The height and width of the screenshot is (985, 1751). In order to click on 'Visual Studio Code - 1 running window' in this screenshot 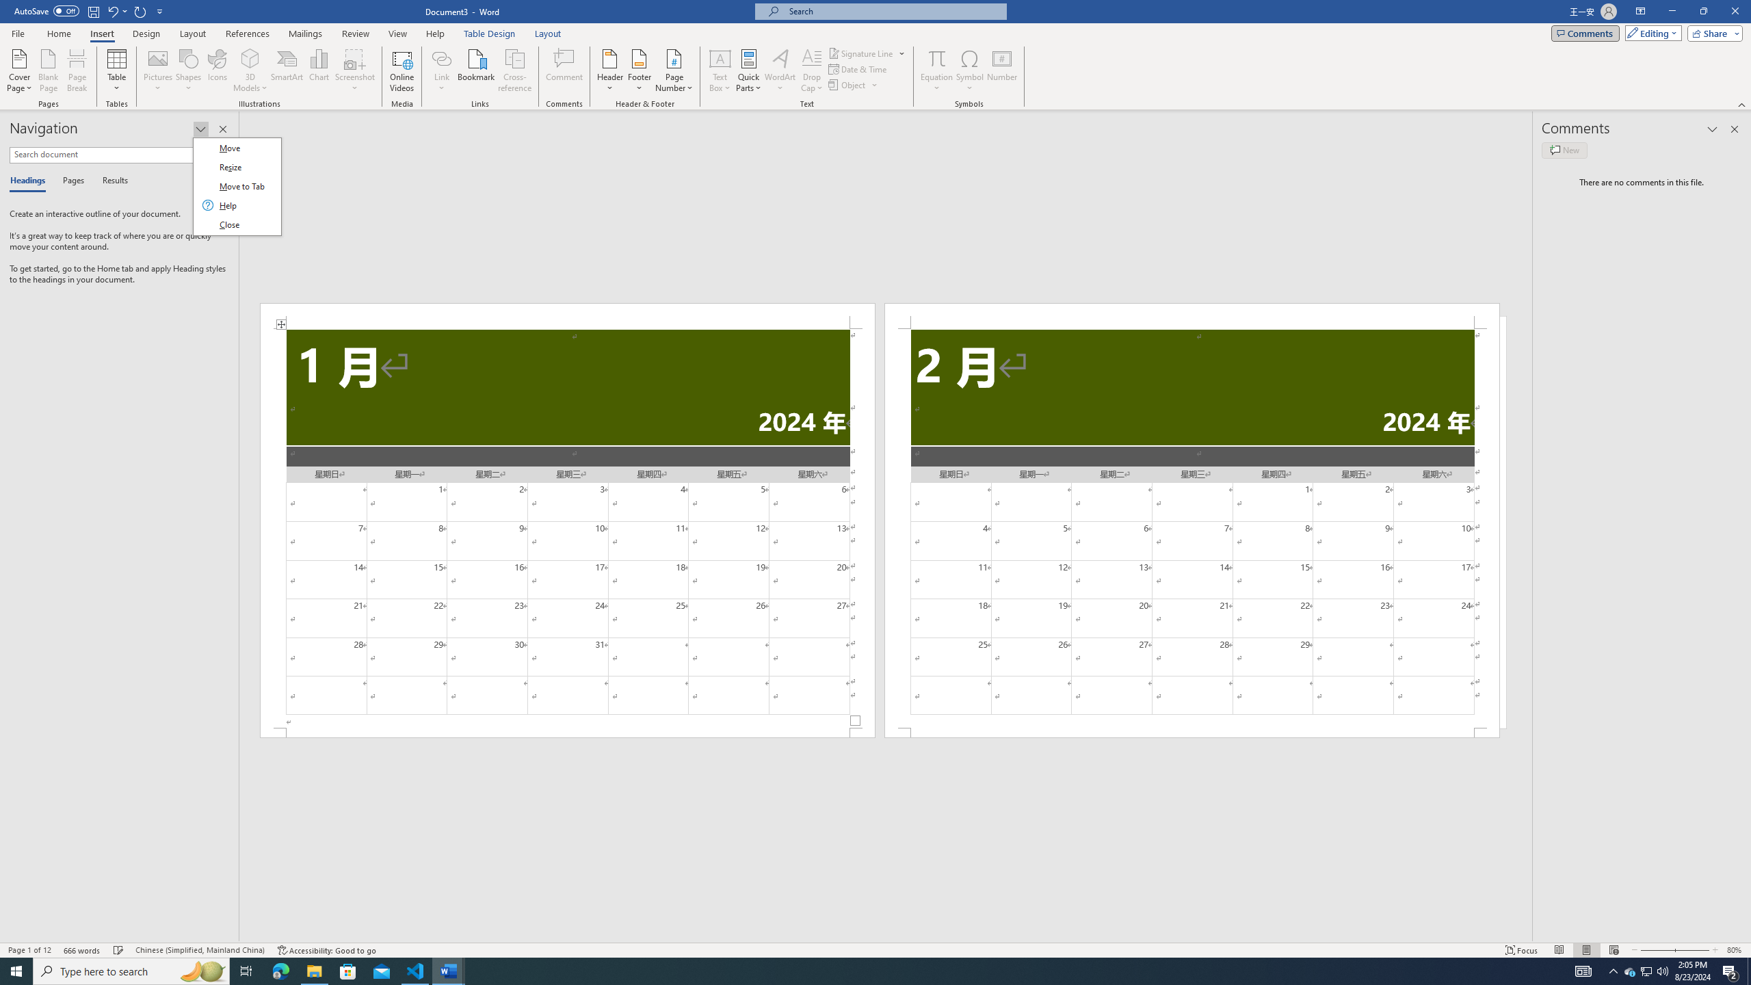, I will do `click(415, 970)`.